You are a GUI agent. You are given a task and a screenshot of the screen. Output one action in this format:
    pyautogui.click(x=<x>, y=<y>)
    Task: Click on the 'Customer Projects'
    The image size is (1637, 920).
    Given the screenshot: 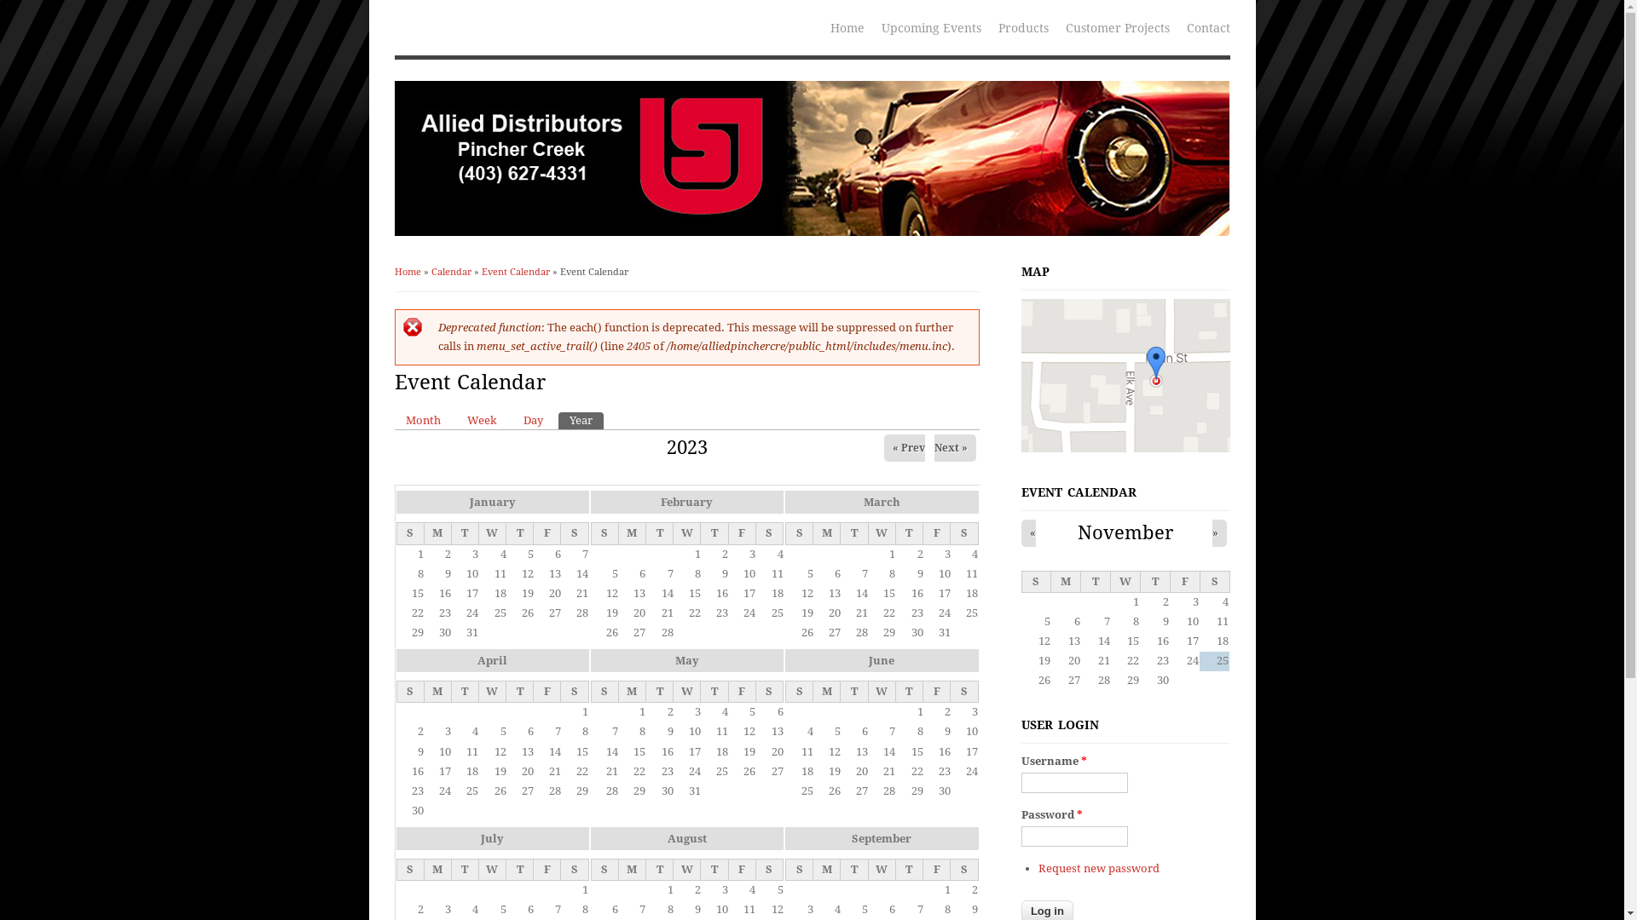 What is the action you would take?
    pyautogui.click(x=1056, y=26)
    